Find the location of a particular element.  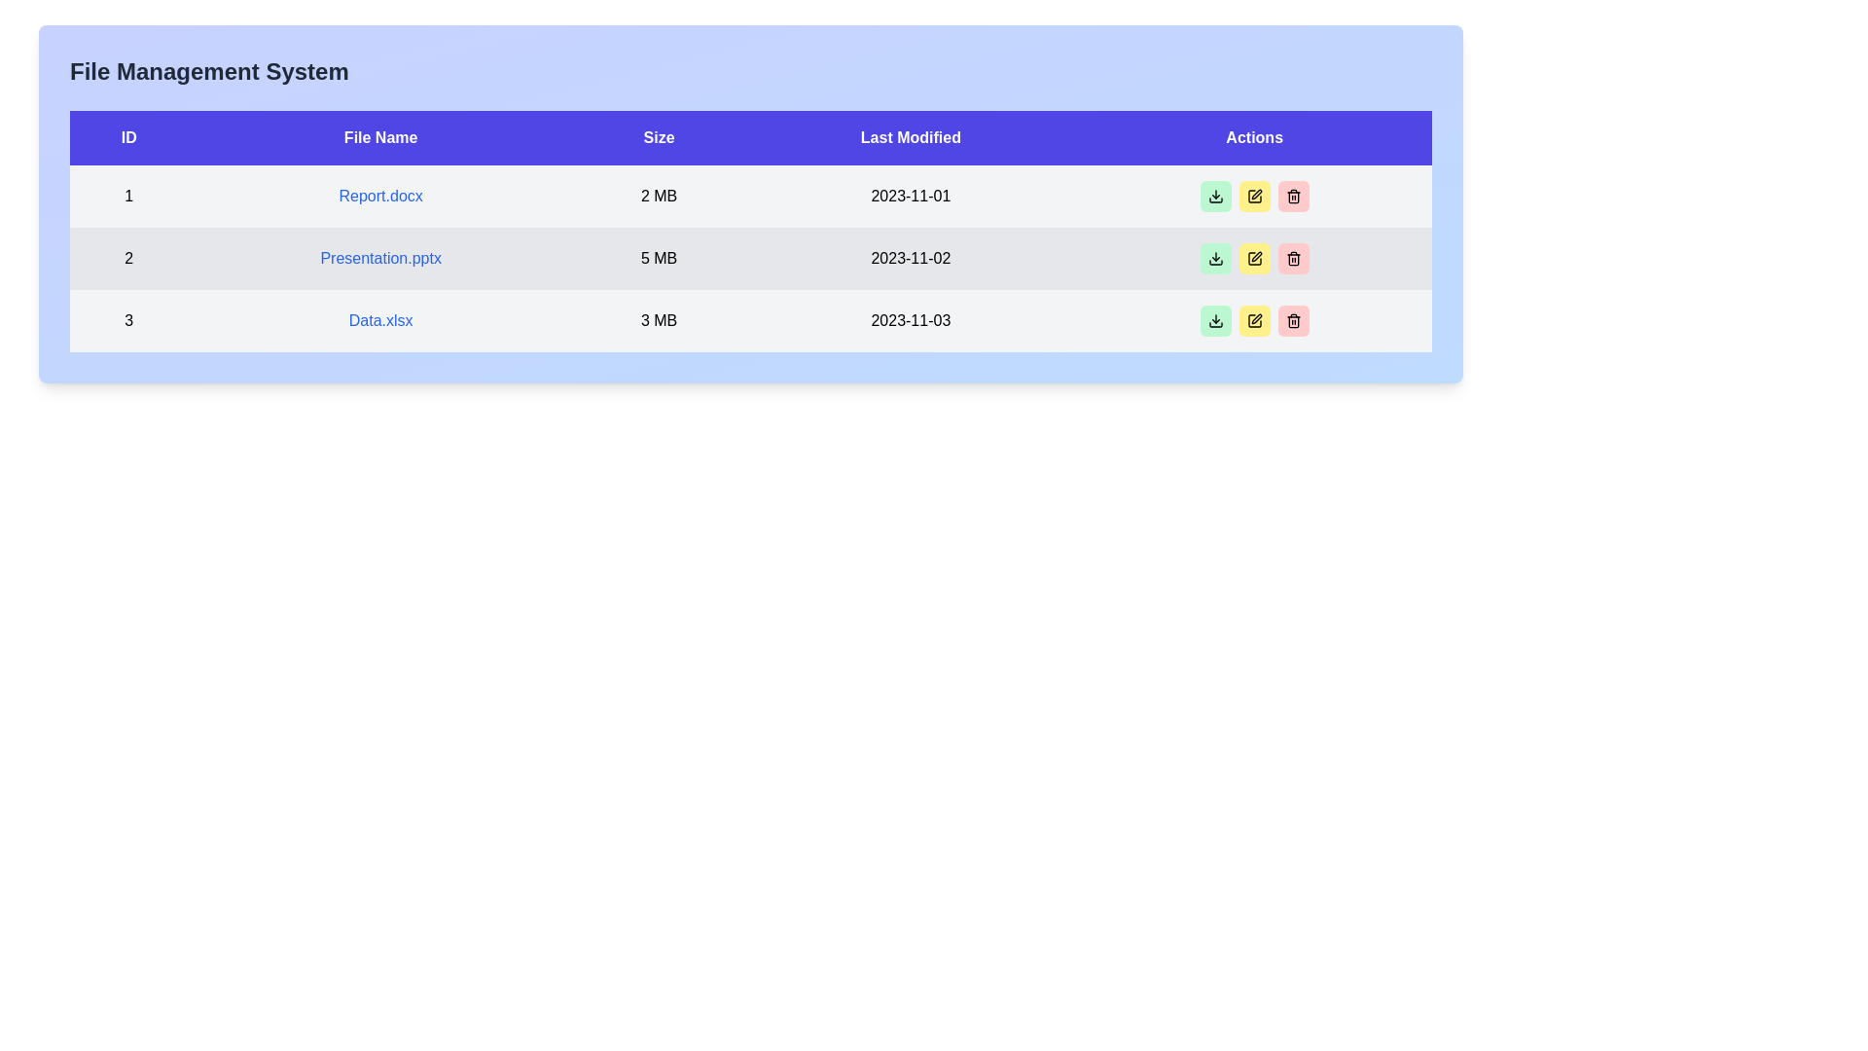

the 'Size' column header in the table, which is the third column header, by clicking on it is located at coordinates (659, 137).